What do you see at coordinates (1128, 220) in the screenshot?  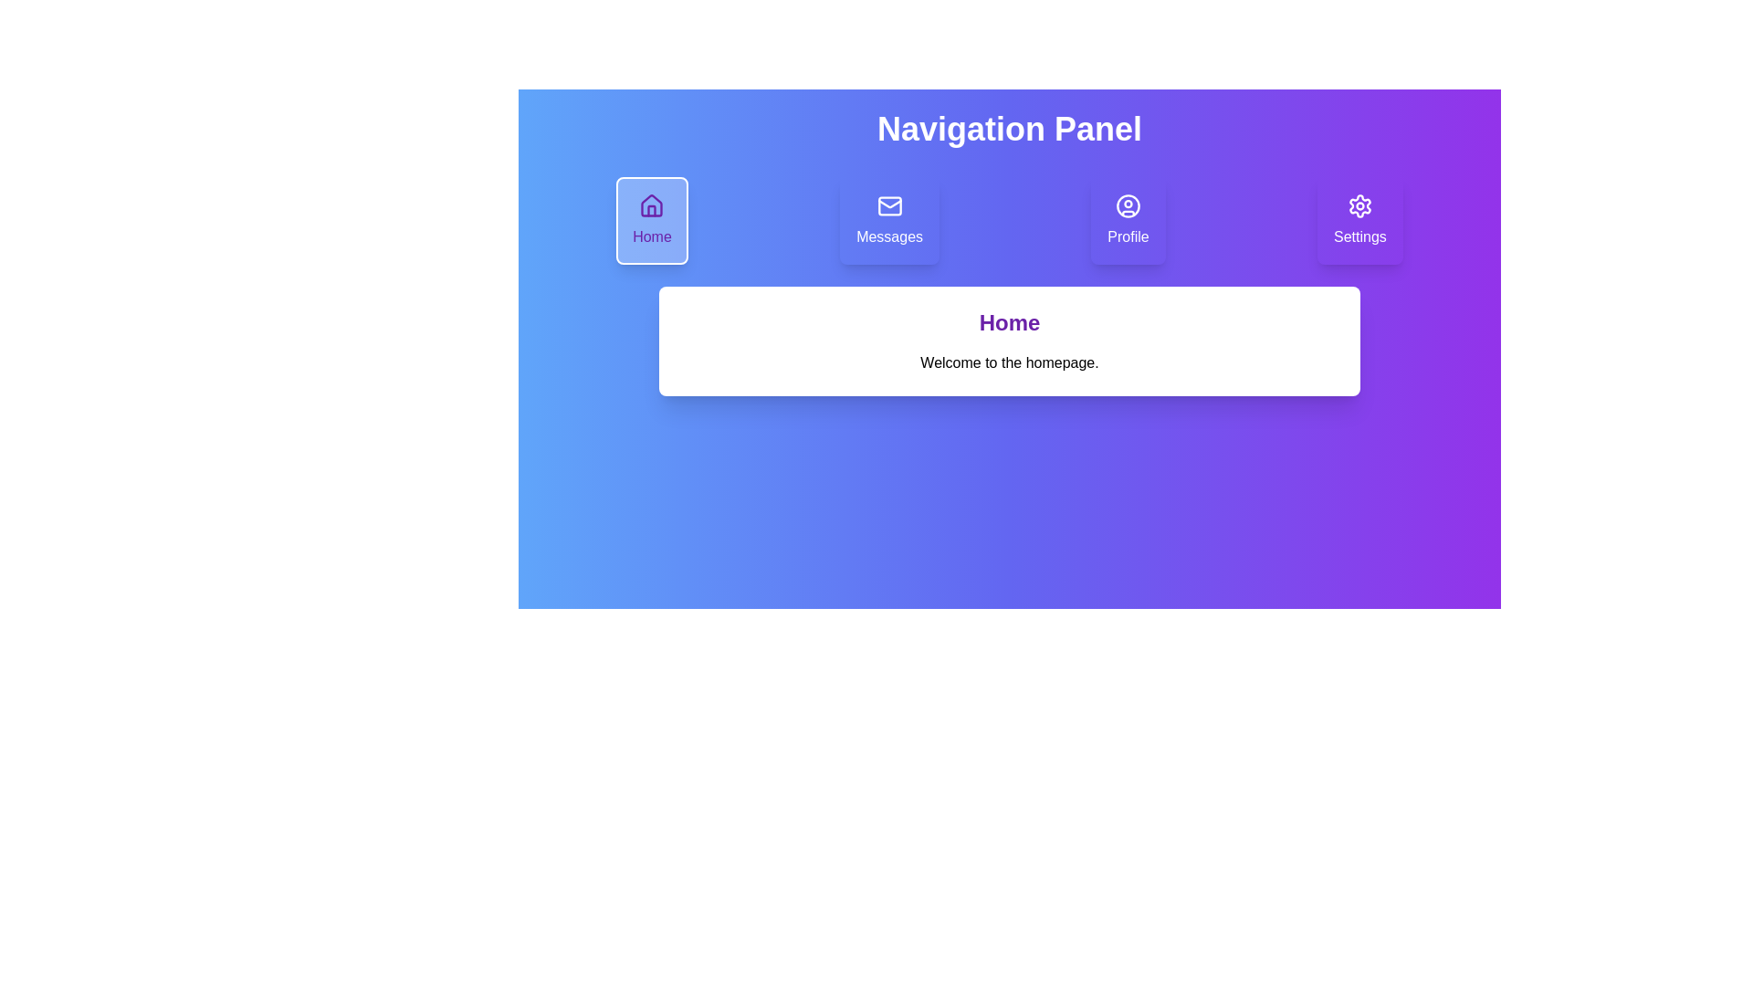 I see `the Profile tab` at bounding box center [1128, 220].